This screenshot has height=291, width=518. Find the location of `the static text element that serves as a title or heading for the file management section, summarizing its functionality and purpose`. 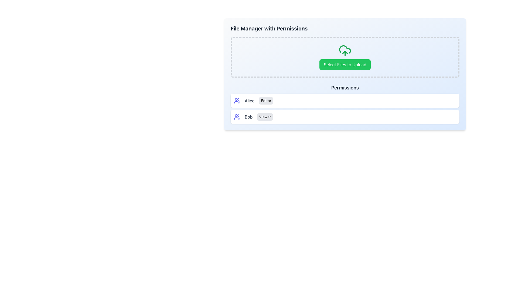

the static text element that serves as a title or heading for the file management section, summarizing its functionality and purpose is located at coordinates (269, 28).